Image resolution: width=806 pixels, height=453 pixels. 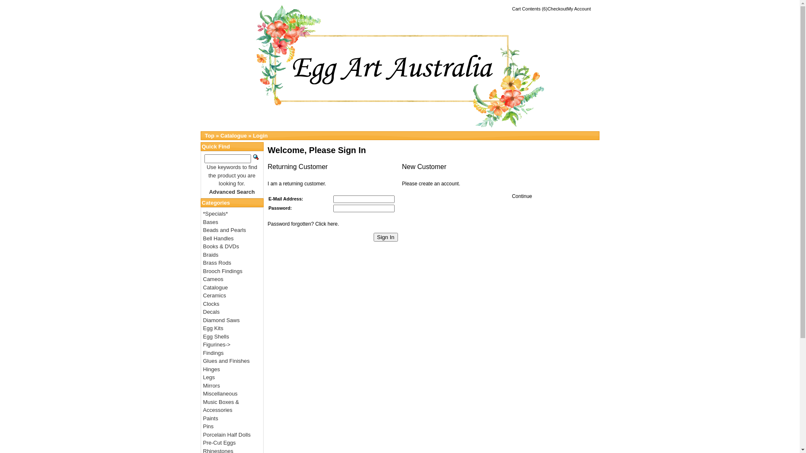 What do you see at coordinates (203, 418) in the screenshot?
I see `'Paints'` at bounding box center [203, 418].